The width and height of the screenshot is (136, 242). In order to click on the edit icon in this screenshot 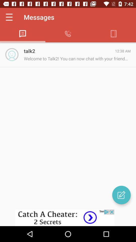, I will do `click(121, 195)`.